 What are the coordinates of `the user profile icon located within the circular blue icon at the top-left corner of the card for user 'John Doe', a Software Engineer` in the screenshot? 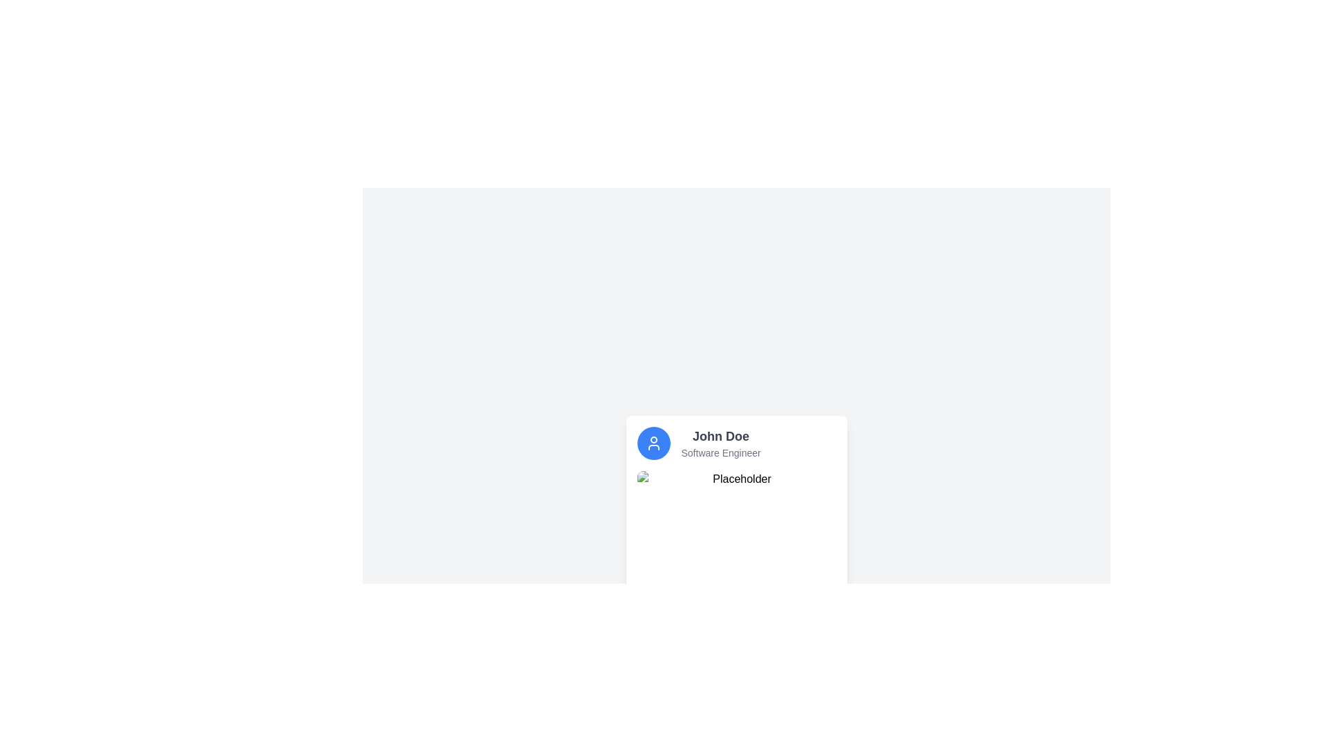 It's located at (653, 443).